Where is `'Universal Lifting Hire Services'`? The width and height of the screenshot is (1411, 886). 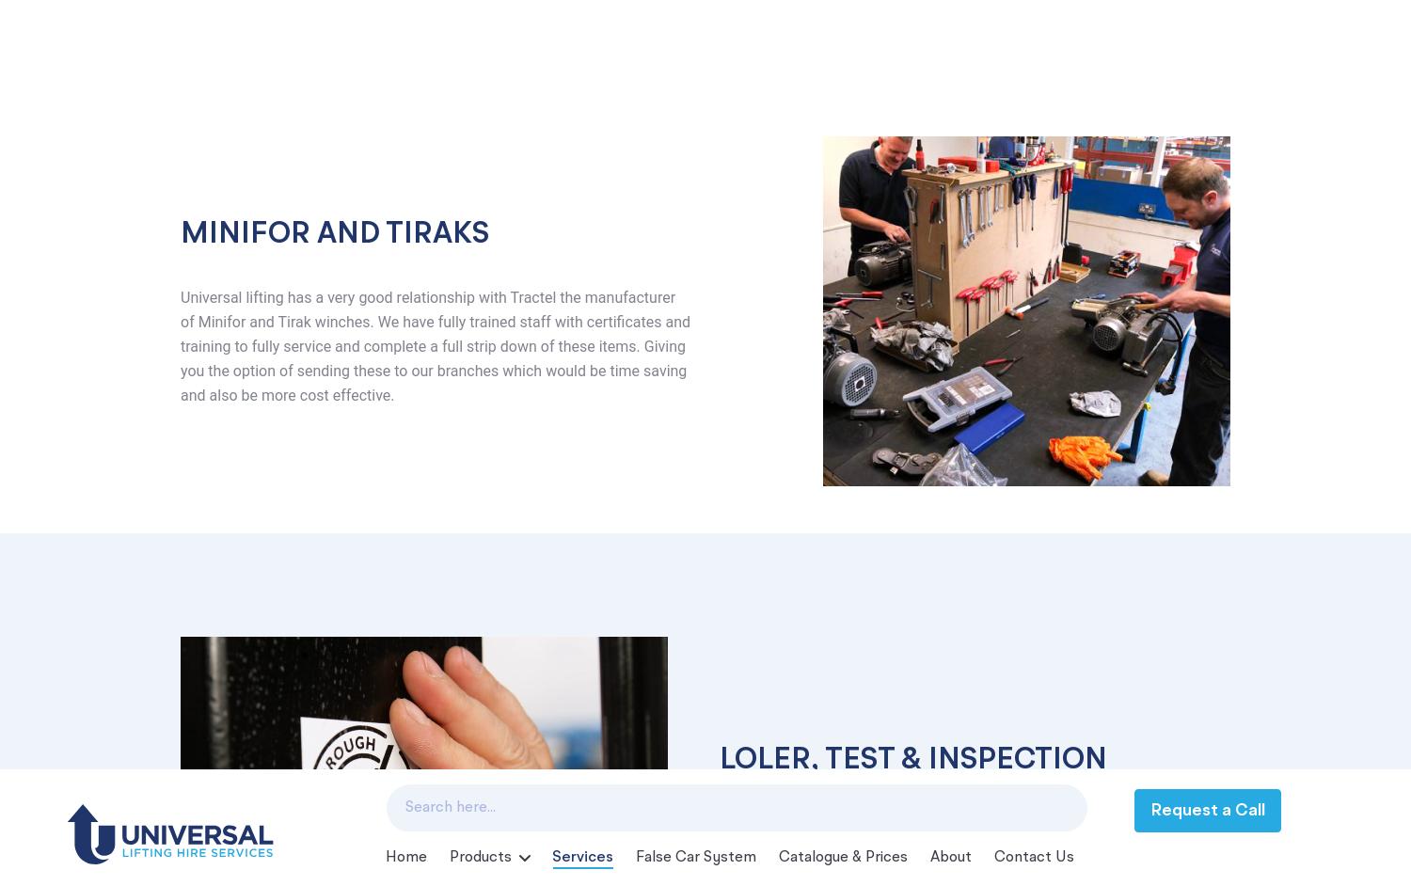
'Universal Lifting Hire Services' is located at coordinates (313, 566).